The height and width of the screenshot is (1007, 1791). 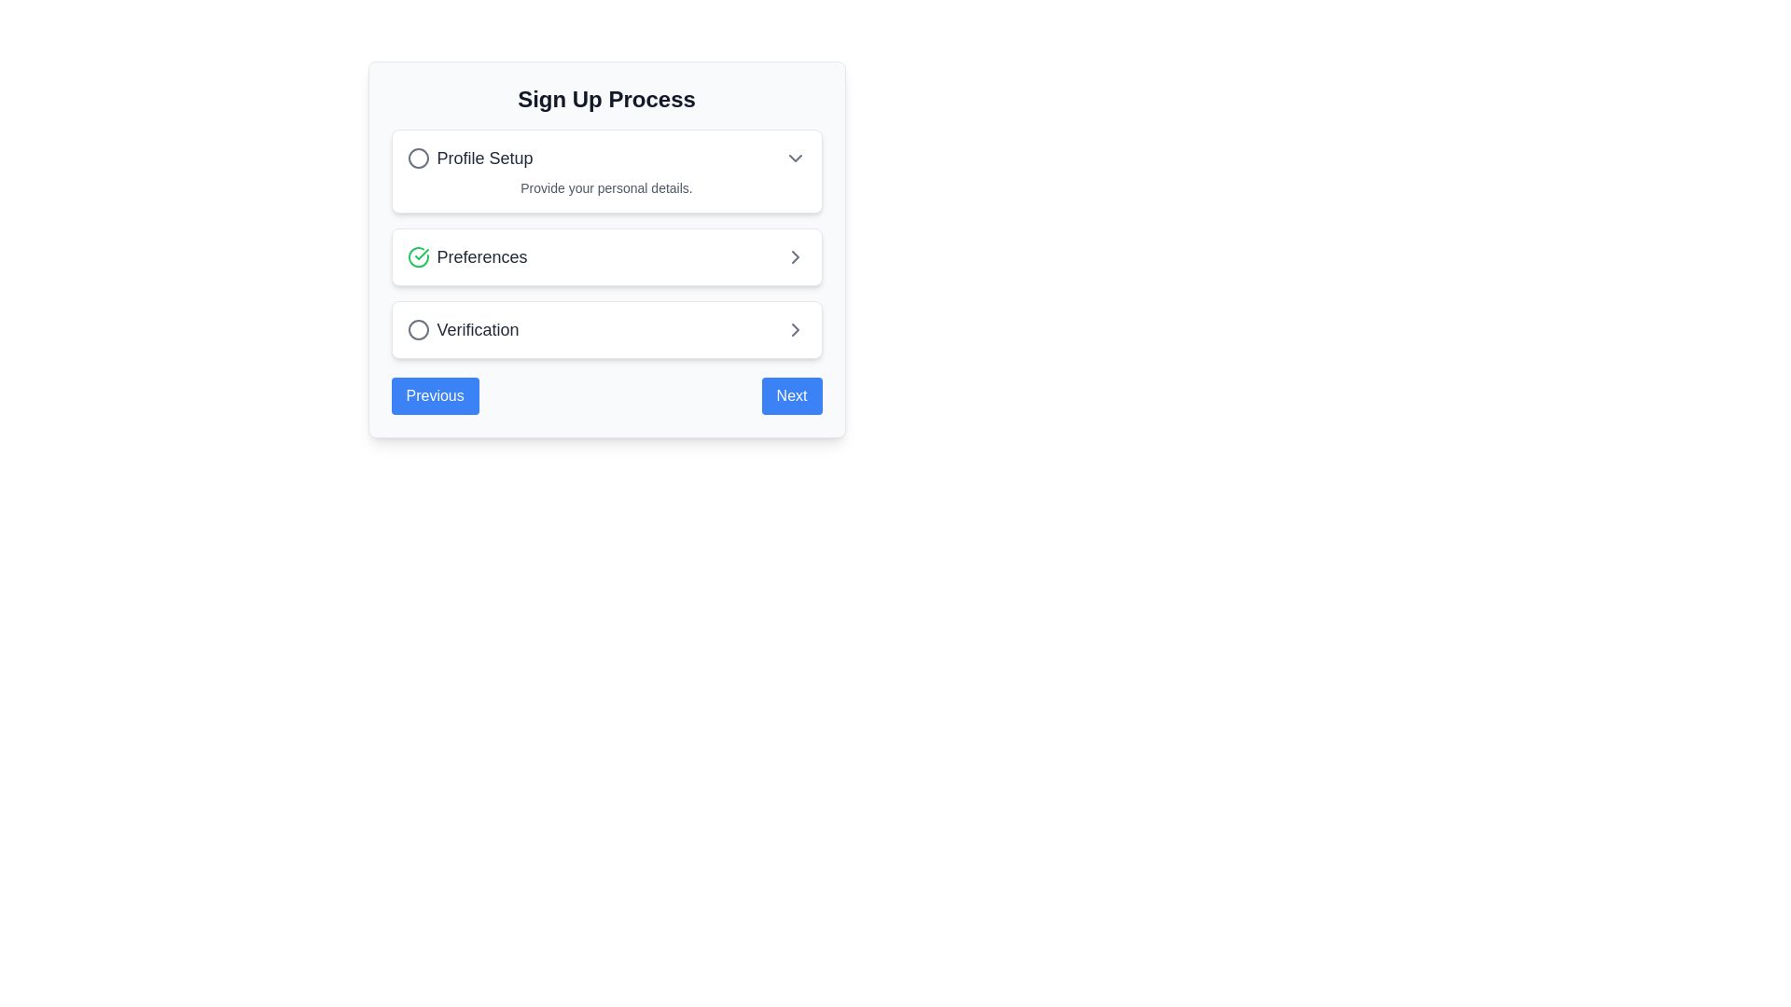 I want to click on the 'Previous' or 'Next' button in the Navigation control, so click(x=606, y=394).